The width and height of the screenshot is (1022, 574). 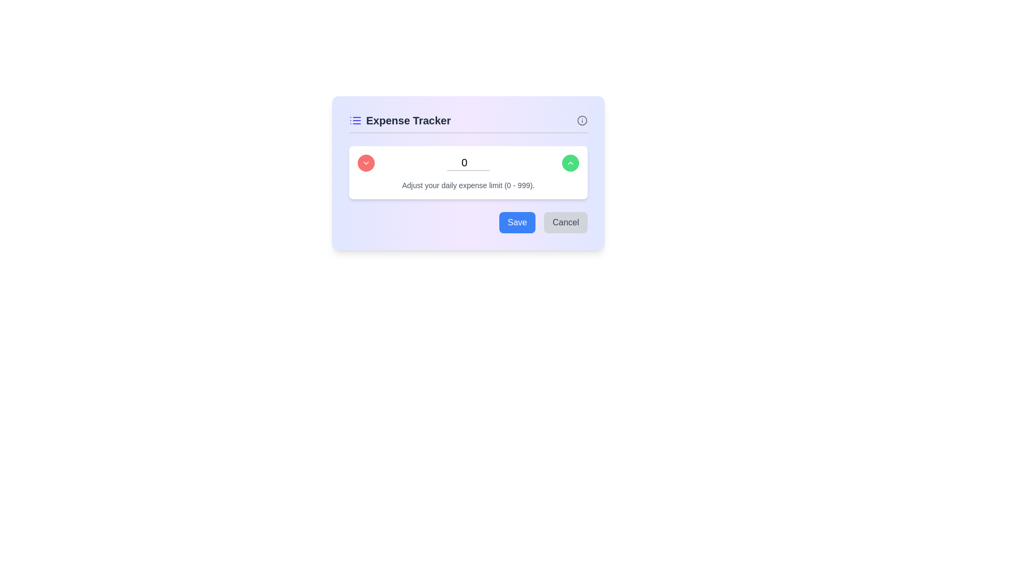 I want to click on the increment and decrement buttons of the numeric adjustment UI component, which is visually distinct with a white box and rounded corners, containing a numeric input field and the caption 'Adjust your daily expense limit (0 - 999).', so click(x=468, y=172).